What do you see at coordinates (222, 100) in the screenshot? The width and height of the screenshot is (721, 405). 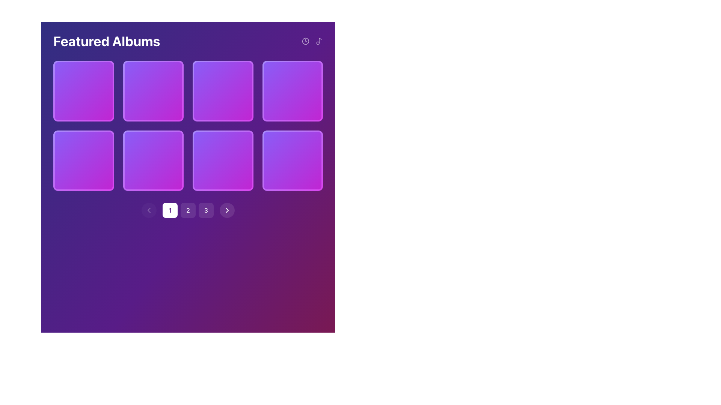 I see `the informational overlay that displays album details, including title, artist, length, and number of tracks, located in the second row and third column of the 'Featured Albums' section` at bounding box center [222, 100].